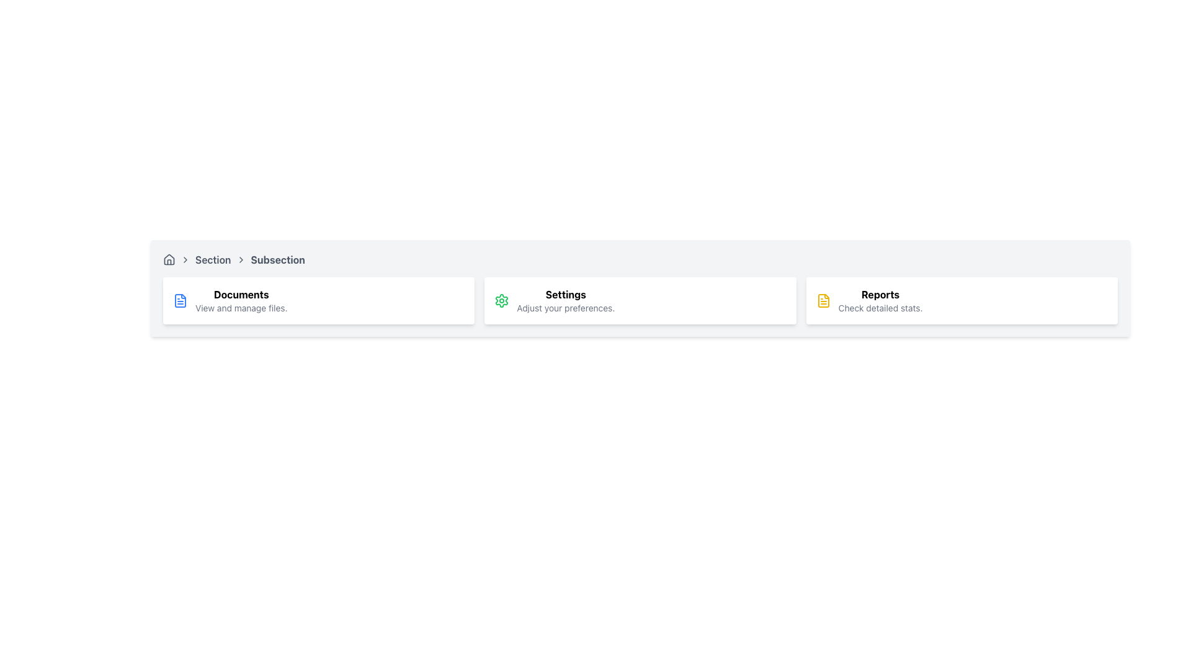  I want to click on title label for the 'Reports' section, which is positioned in the third column of the layout, above descriptive text and next to a yellow document icon, so click(880, 294).